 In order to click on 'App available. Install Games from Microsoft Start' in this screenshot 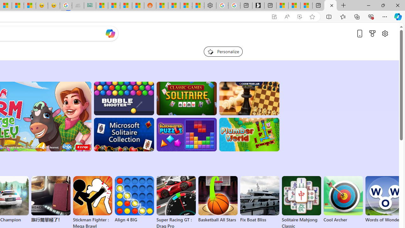, I will do `click(274, 16)`.